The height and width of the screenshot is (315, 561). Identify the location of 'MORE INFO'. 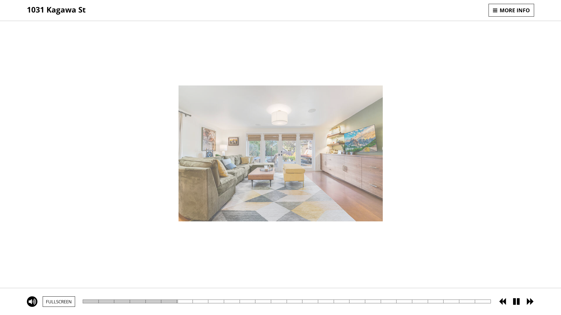
(511, 10).